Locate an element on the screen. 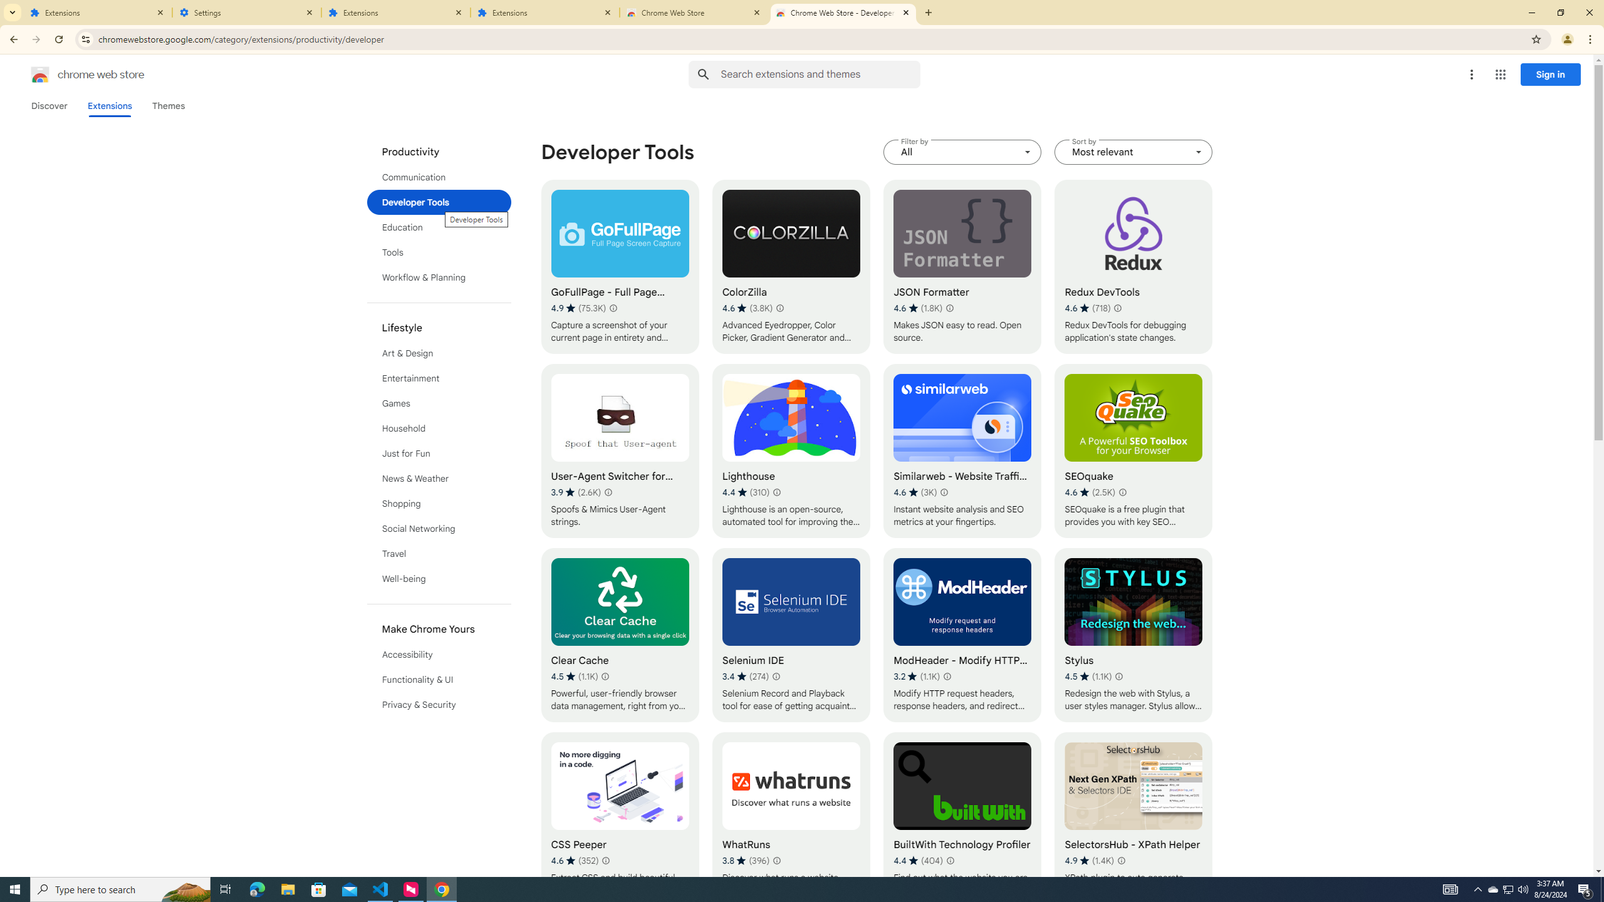 The image size is (1604, 902). 'Average rating 3.4 out of 5 stars. 274 ratings.' is located at coordinates (746, 676).